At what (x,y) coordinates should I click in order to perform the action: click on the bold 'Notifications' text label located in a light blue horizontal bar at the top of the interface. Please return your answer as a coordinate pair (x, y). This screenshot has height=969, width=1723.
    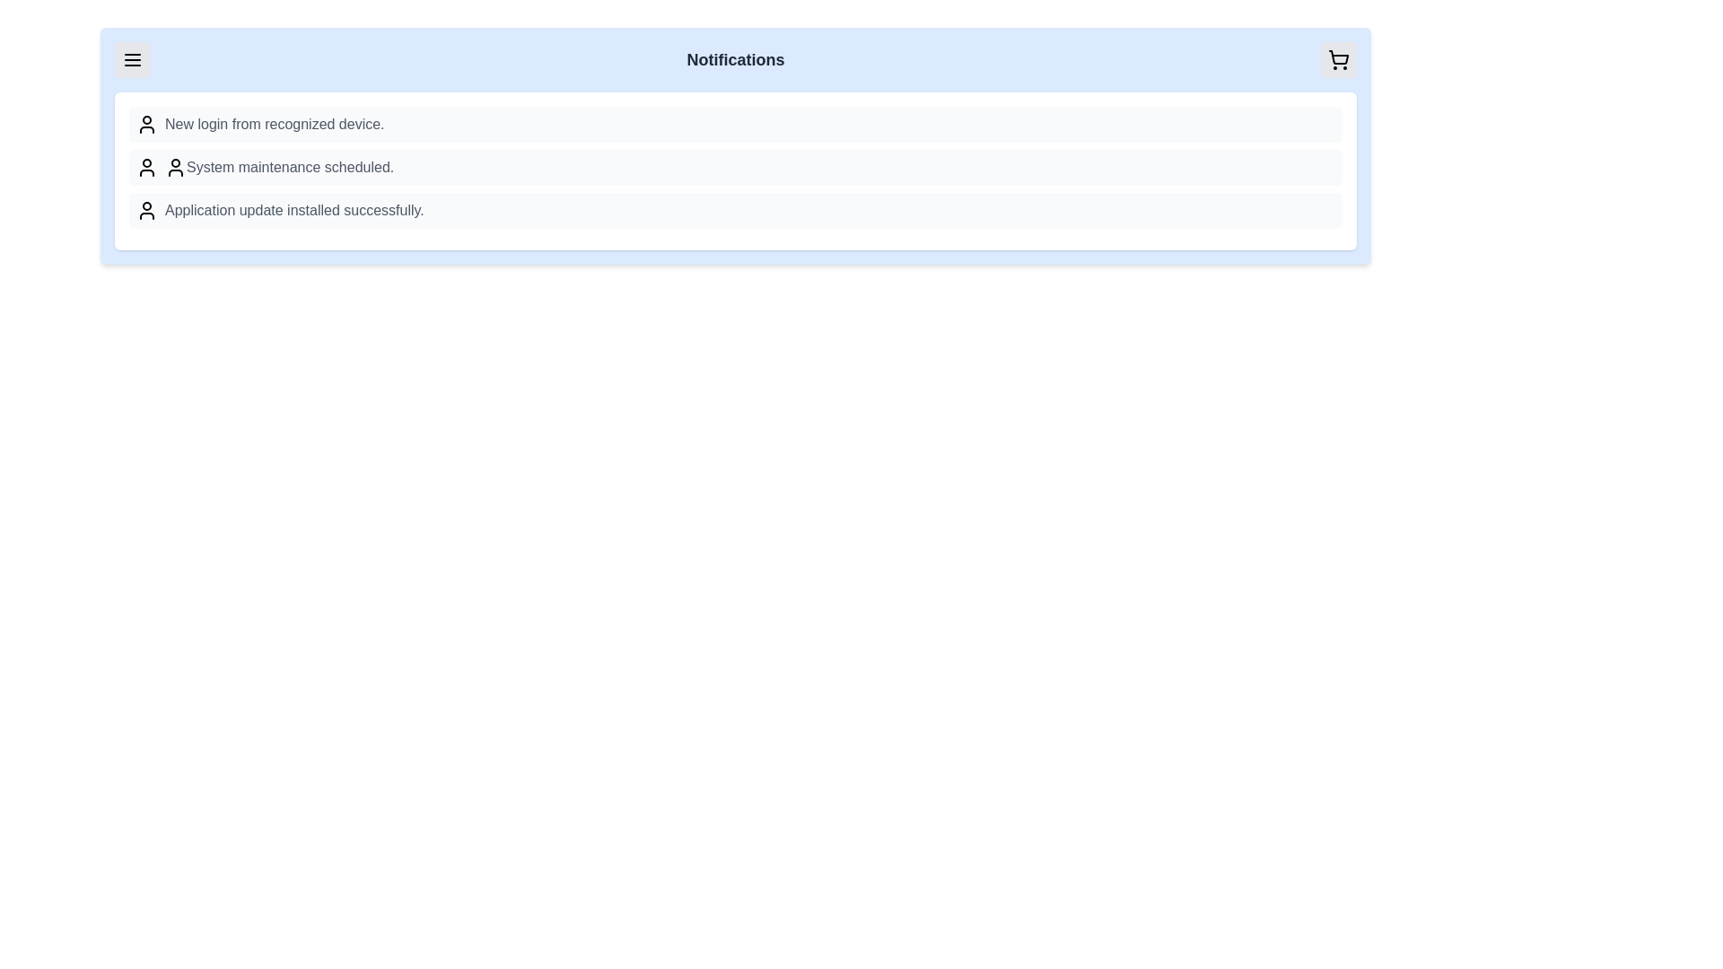
    Looking at the image, I should click on (736, 58).